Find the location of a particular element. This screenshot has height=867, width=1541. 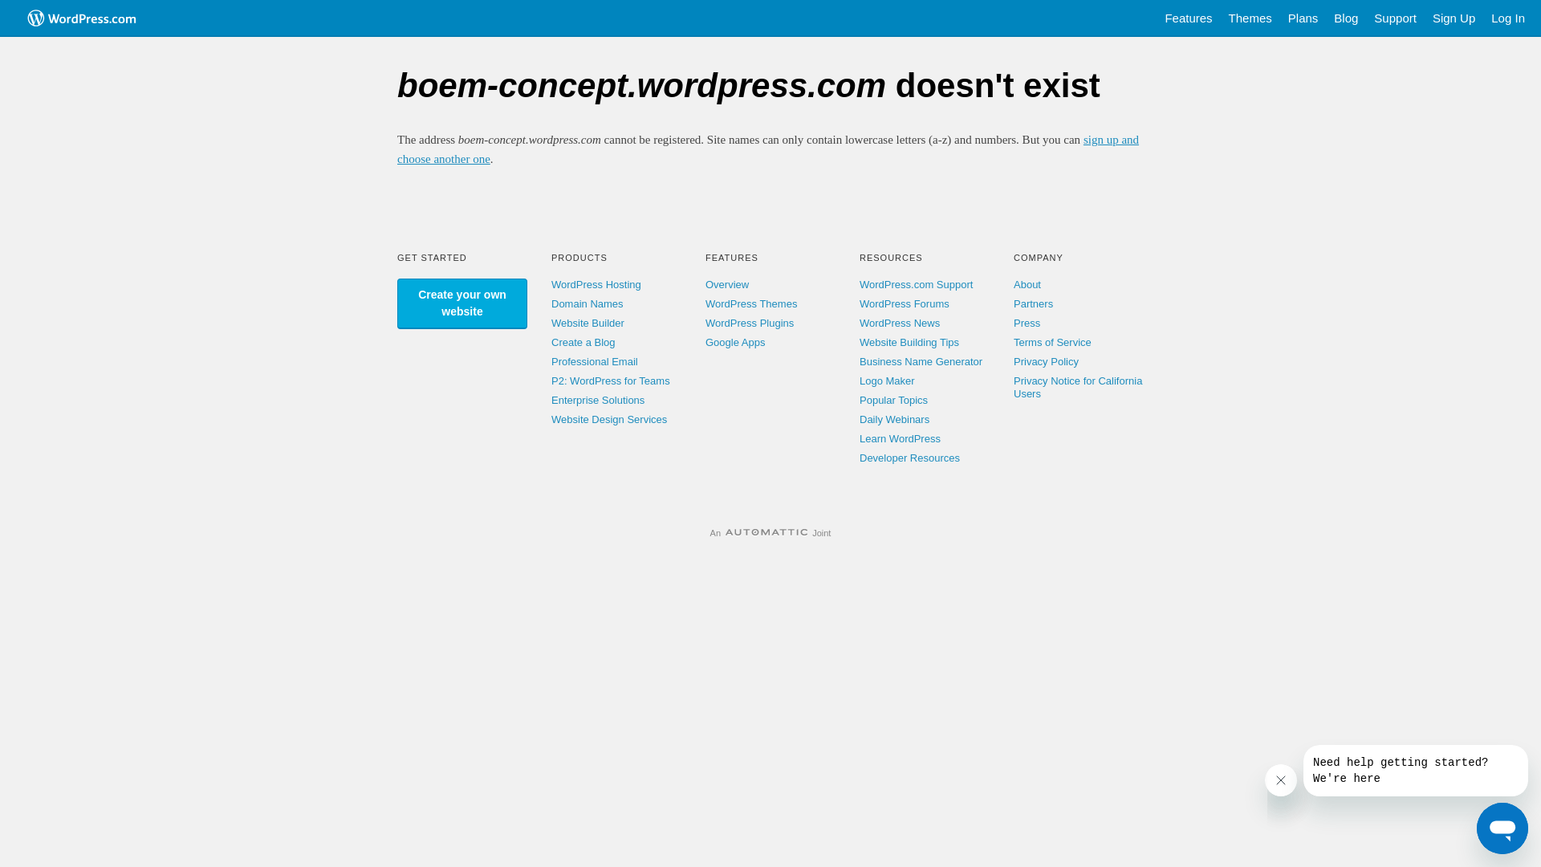

'Automattic' is located at coordinates (724, 532).